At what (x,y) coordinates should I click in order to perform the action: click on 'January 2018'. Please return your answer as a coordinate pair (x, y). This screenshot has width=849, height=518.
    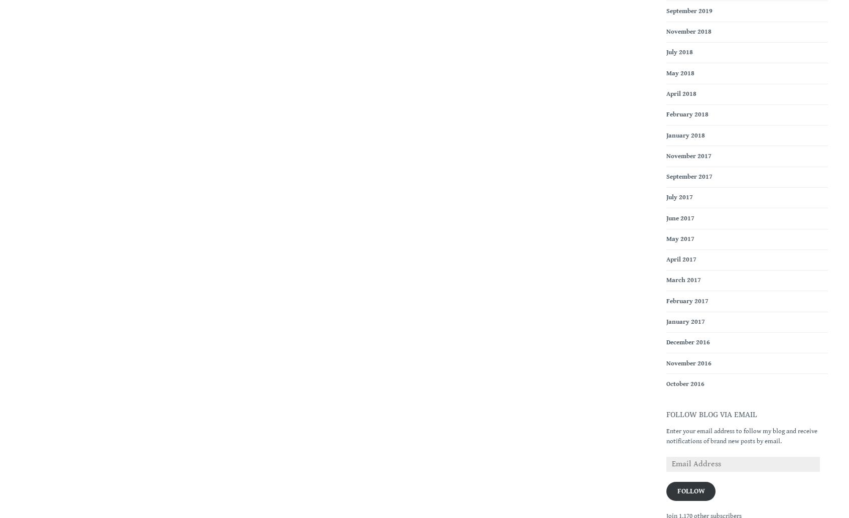
    Looking at the image, I should click on (666, 135).